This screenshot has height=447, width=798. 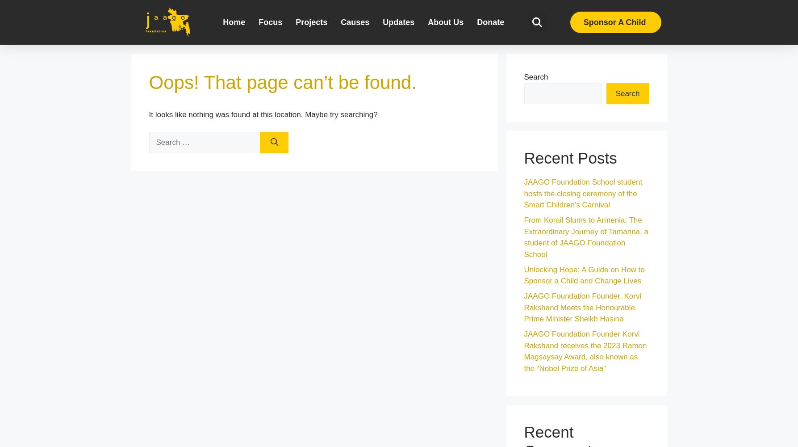 I want to click on 'Updates', so click(x=398, y=22).